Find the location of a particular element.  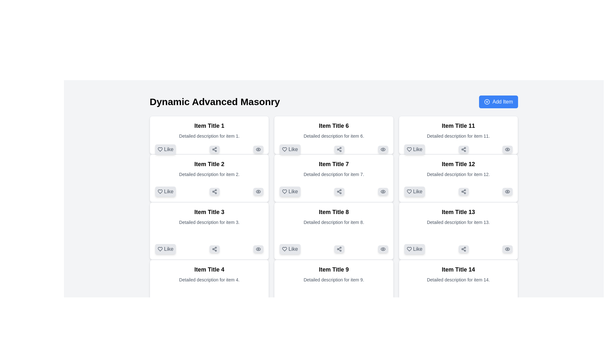

the bold title 'Item Title 9' located in the center-right column of a card component to interact with it is located at coordinates (333, 270).